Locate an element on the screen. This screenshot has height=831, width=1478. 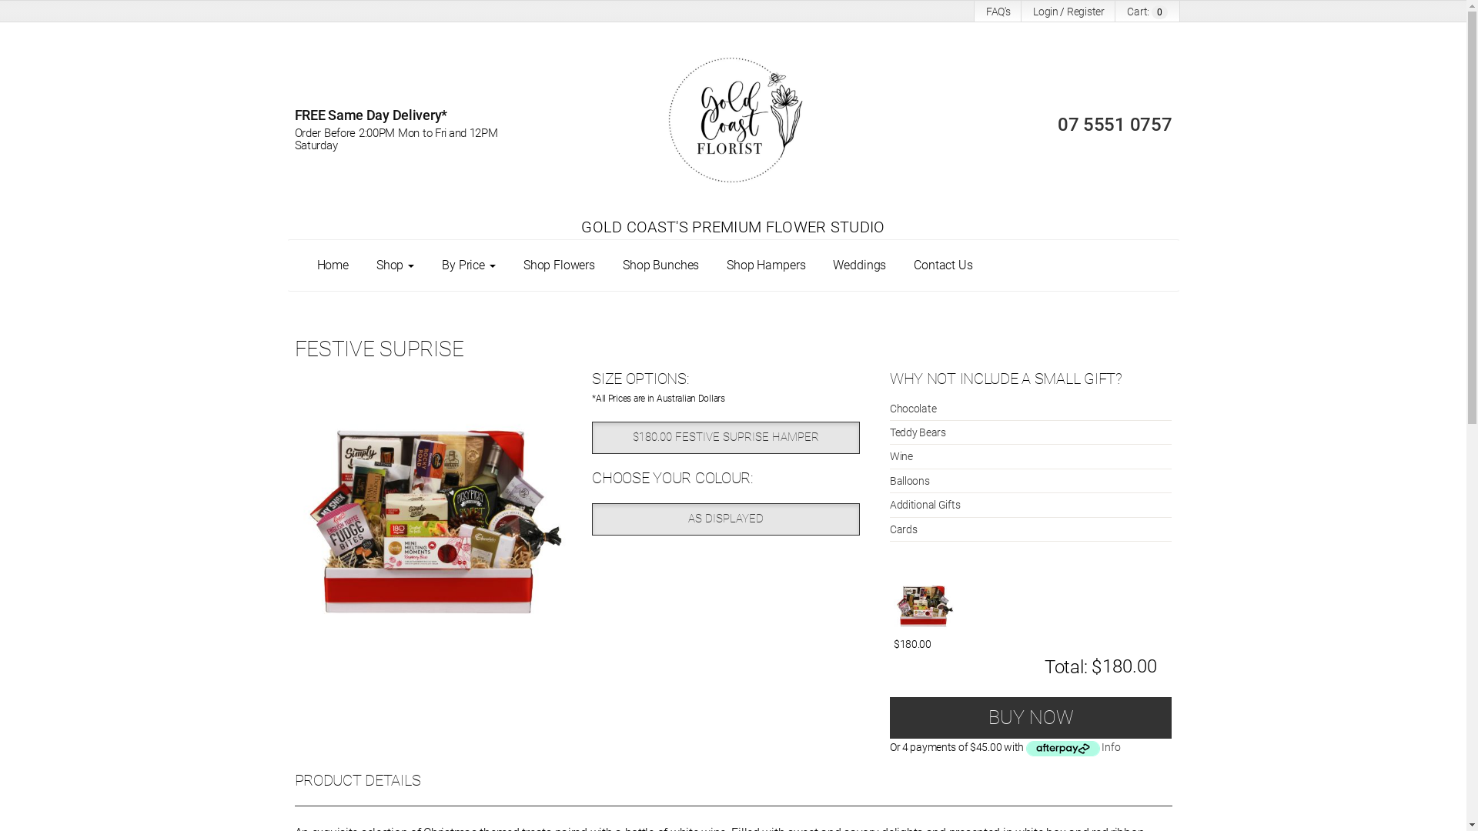
'Shop' is located at coordinates (361, 264).